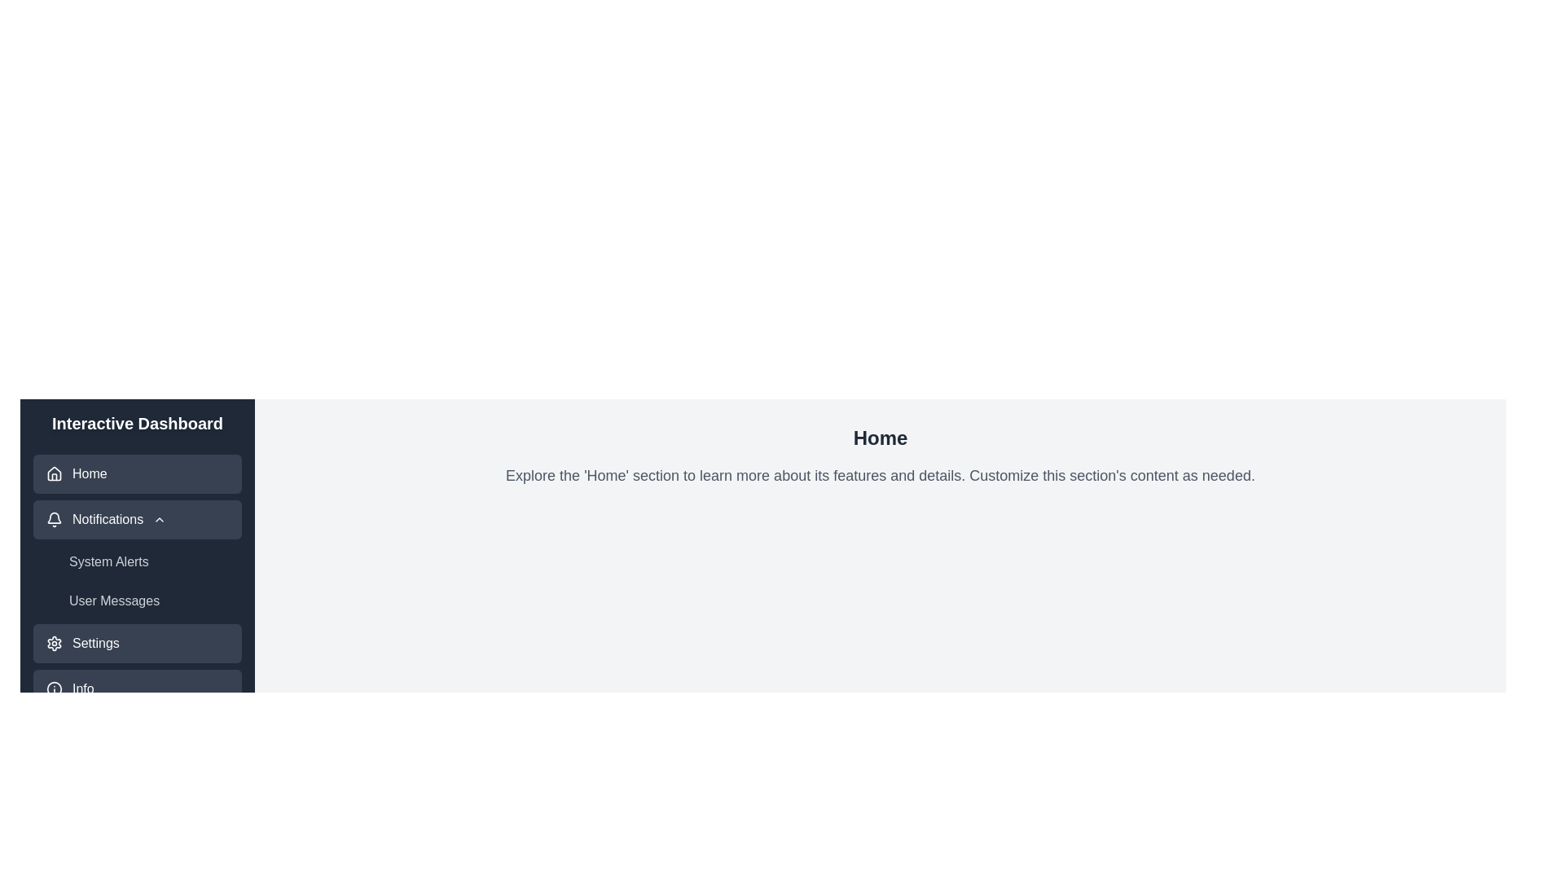 Image resolution: width=1564 pixels, height=880 pixels. What do you see at coordinates (879, 475) in the screenshot?
I see `the descriptive text paragraph located under the 'Home' header, which provides information about customization options` at bounding box center [879, 475].